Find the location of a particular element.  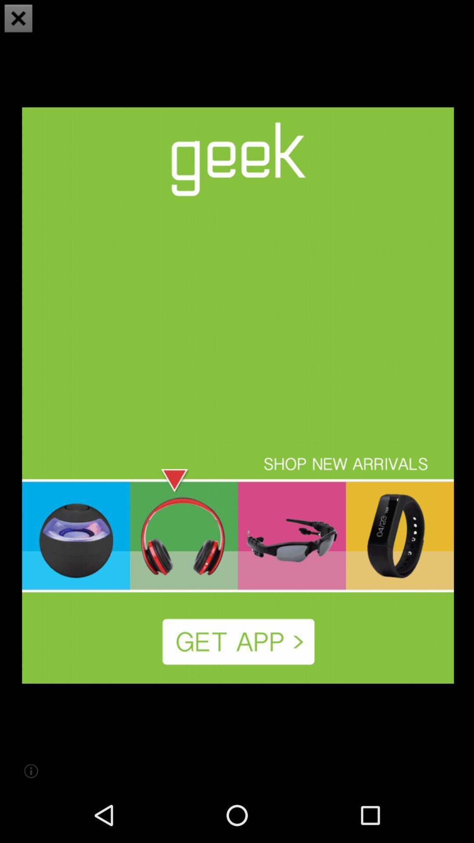

the close icon is located at coordinates (18, 19).